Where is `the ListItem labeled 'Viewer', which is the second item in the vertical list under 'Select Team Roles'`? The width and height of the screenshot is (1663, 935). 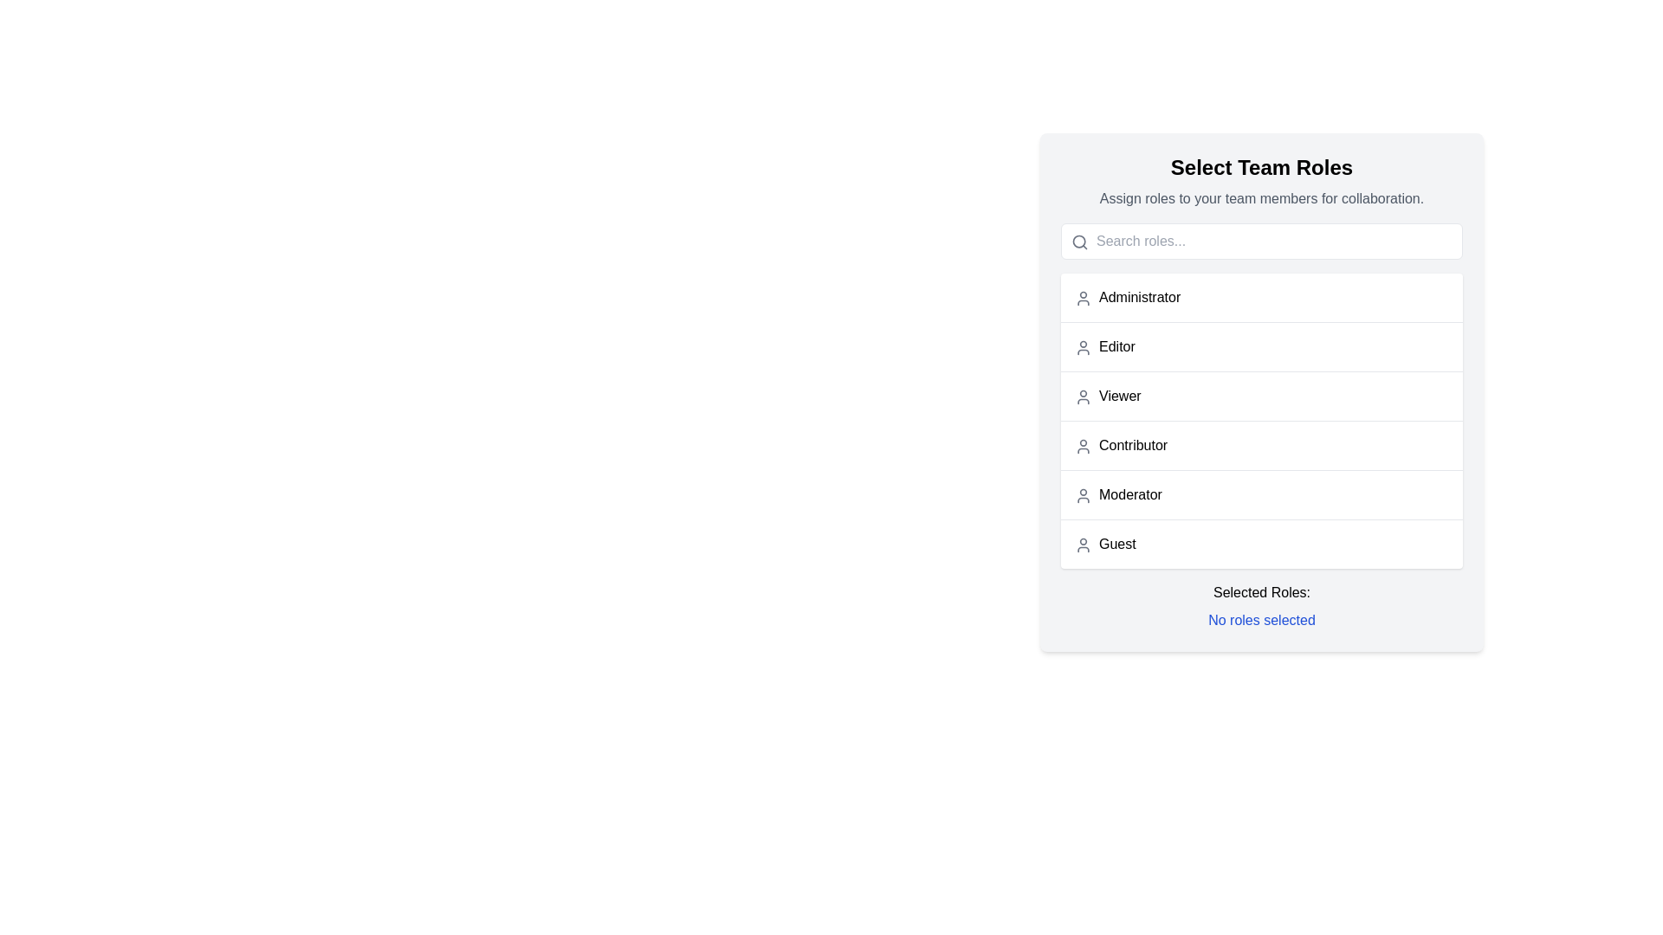 the ListItem labeled 'Viewer', which is the second item in the vertical list under 'Select Team Roles' is located at coordinates (1107, 397).